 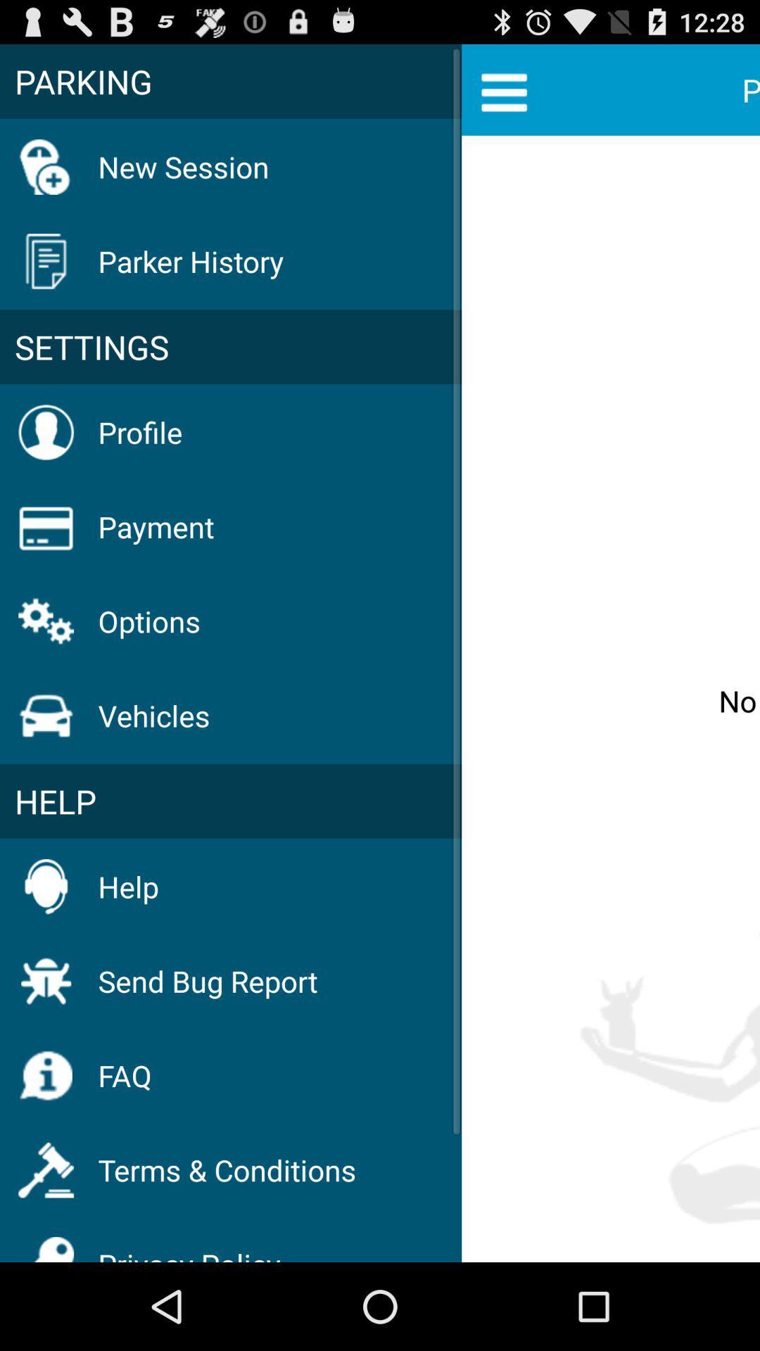 What do you see at coordinates (154, 716) in the screenshot?
I see `the icon below options icon` at bounding box center [154, 716].